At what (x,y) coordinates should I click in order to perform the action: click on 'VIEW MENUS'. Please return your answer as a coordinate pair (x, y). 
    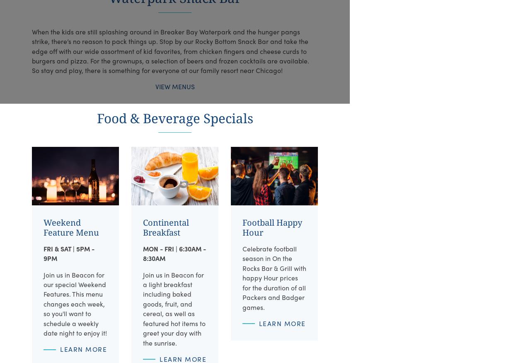
    Looking at the image, I should click on (154, 86).